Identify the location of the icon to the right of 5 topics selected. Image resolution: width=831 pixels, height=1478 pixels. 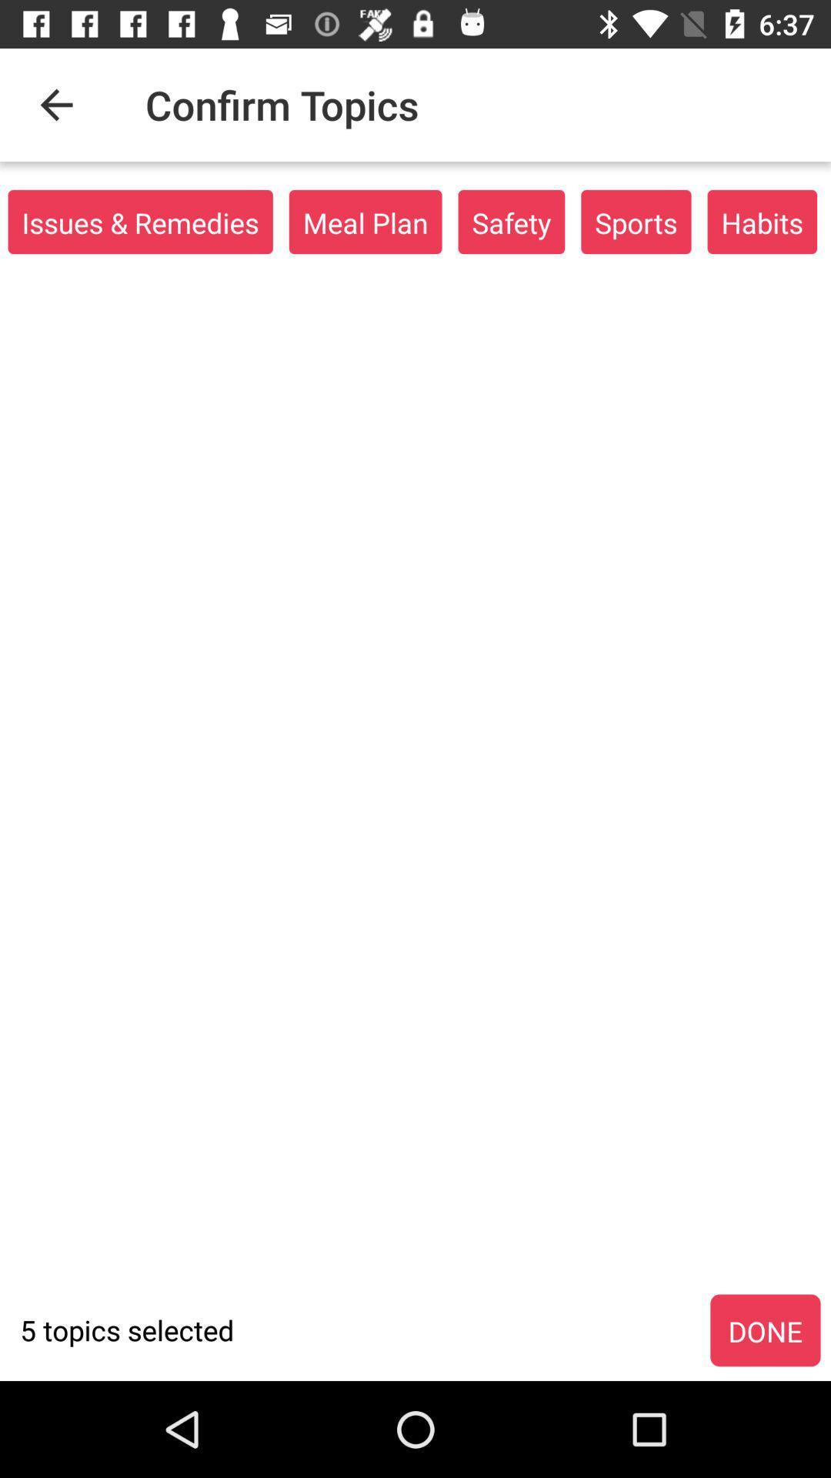
(765, 1330).